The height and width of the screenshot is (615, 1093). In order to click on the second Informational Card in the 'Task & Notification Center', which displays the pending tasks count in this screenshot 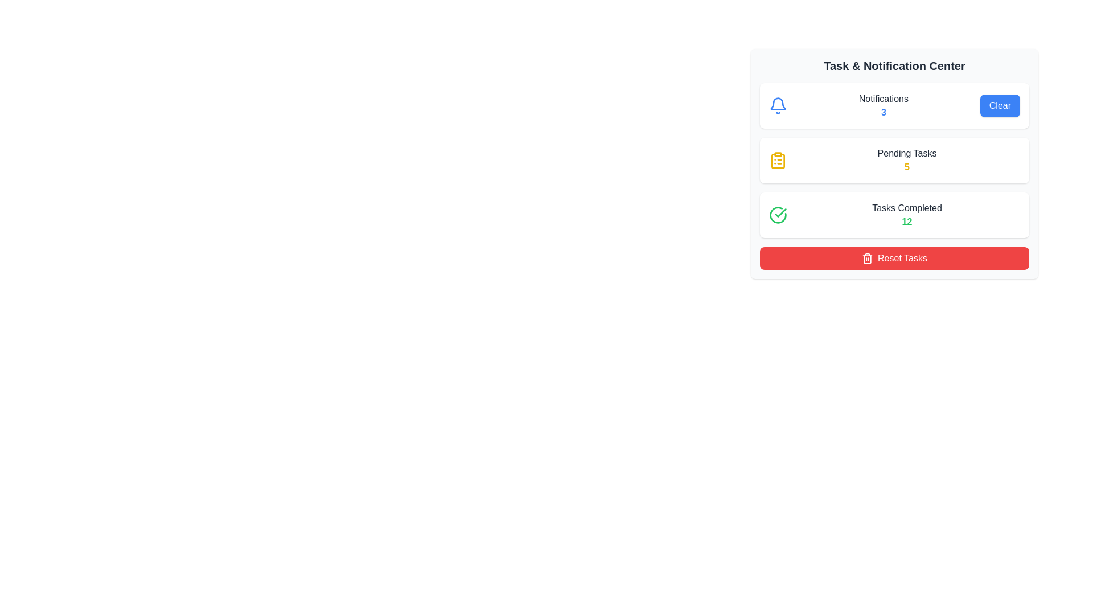, I will do `click(894, 160)`.